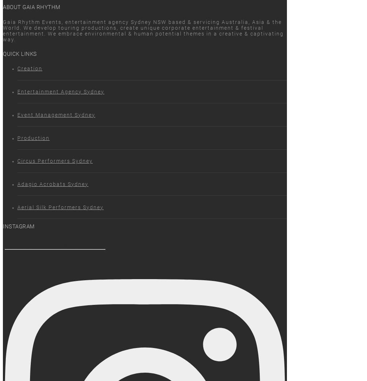  What do you see at coordinates (55, 245) in the screenshot?
I see `'gaiarhythmevents'` at bounding box center [55, 245].